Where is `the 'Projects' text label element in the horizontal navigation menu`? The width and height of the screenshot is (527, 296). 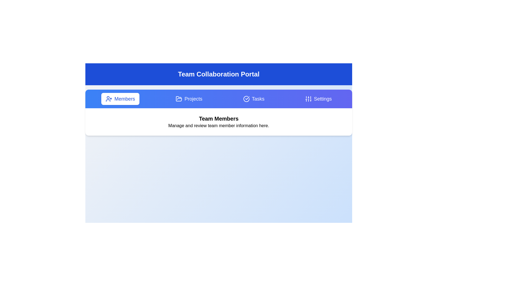
the 'Projects' text label element in the horizontal navigation menu is located at coordinates (193, 99).